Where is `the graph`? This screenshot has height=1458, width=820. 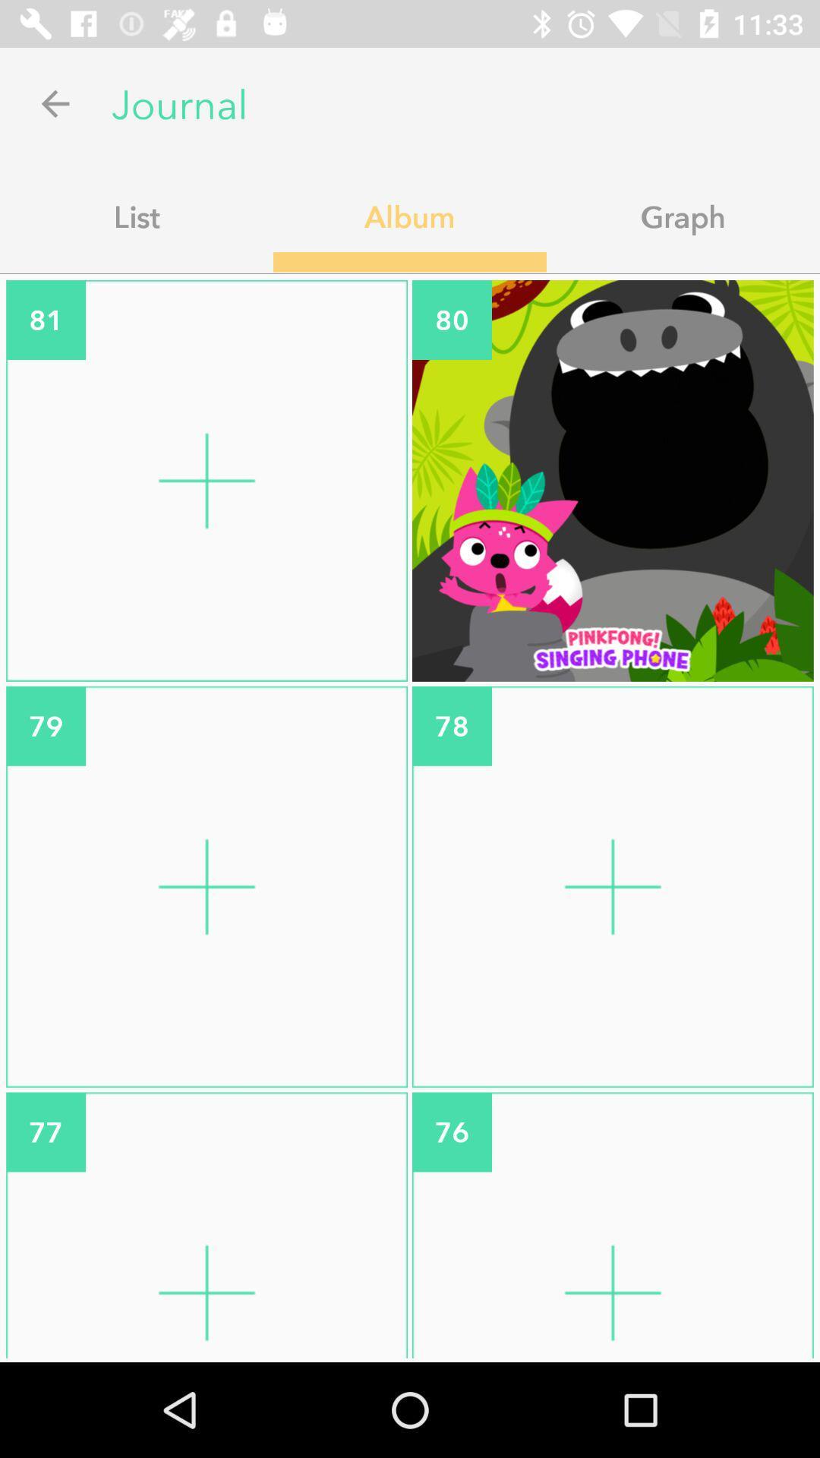 the graph is located at coordinates (682, 216).